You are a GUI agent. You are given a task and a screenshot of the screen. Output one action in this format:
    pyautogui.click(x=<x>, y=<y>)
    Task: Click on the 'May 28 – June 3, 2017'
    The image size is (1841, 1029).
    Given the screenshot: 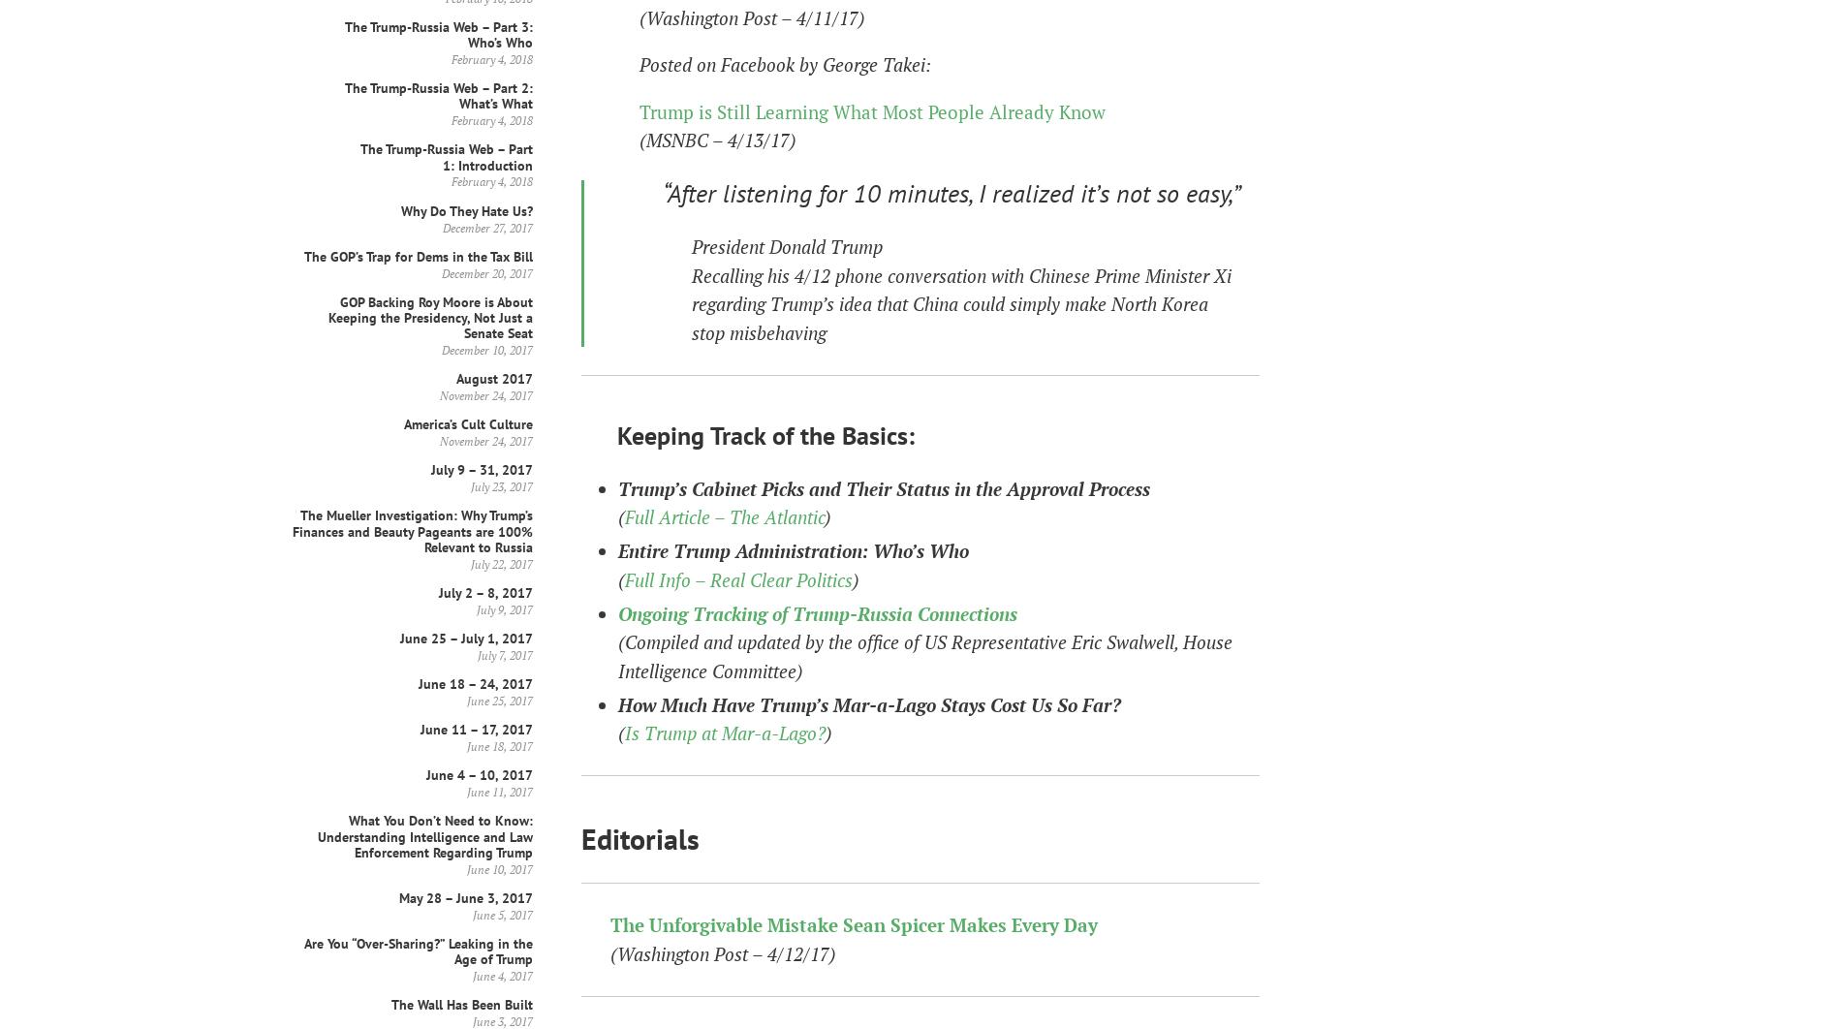 What is the action you would take?
    pyautogui.click(x=466, y=895)
    